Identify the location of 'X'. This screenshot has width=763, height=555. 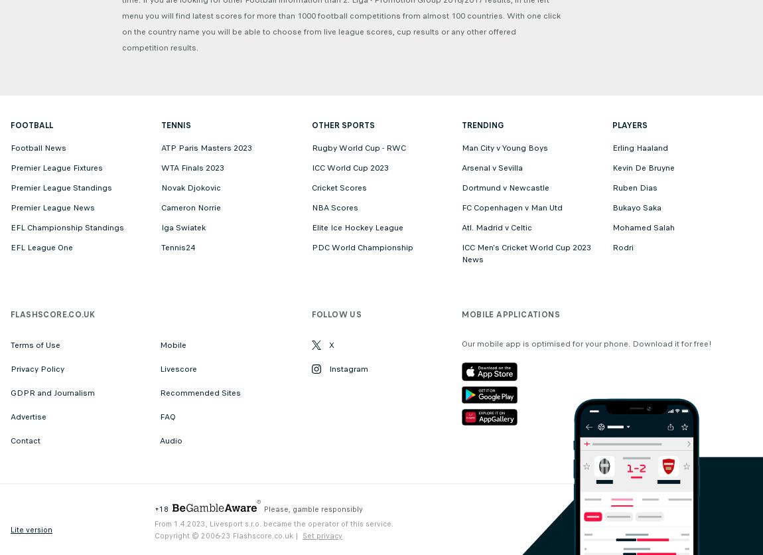
(328, 345).